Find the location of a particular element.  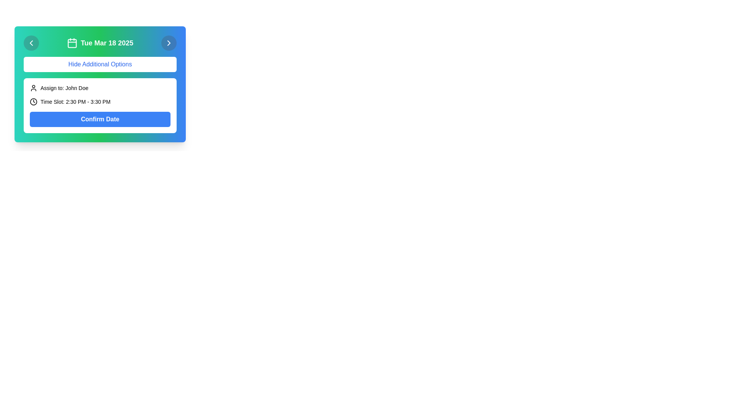

the confirmation button located at the bottom of the white panel containing scheduling information, below the 'Time Slot: 2:30 PM - 3:30 PM' text section is located at coordinates (100, 119).